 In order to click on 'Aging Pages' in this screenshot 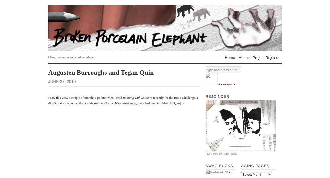, I will do `click(255, 166)`.